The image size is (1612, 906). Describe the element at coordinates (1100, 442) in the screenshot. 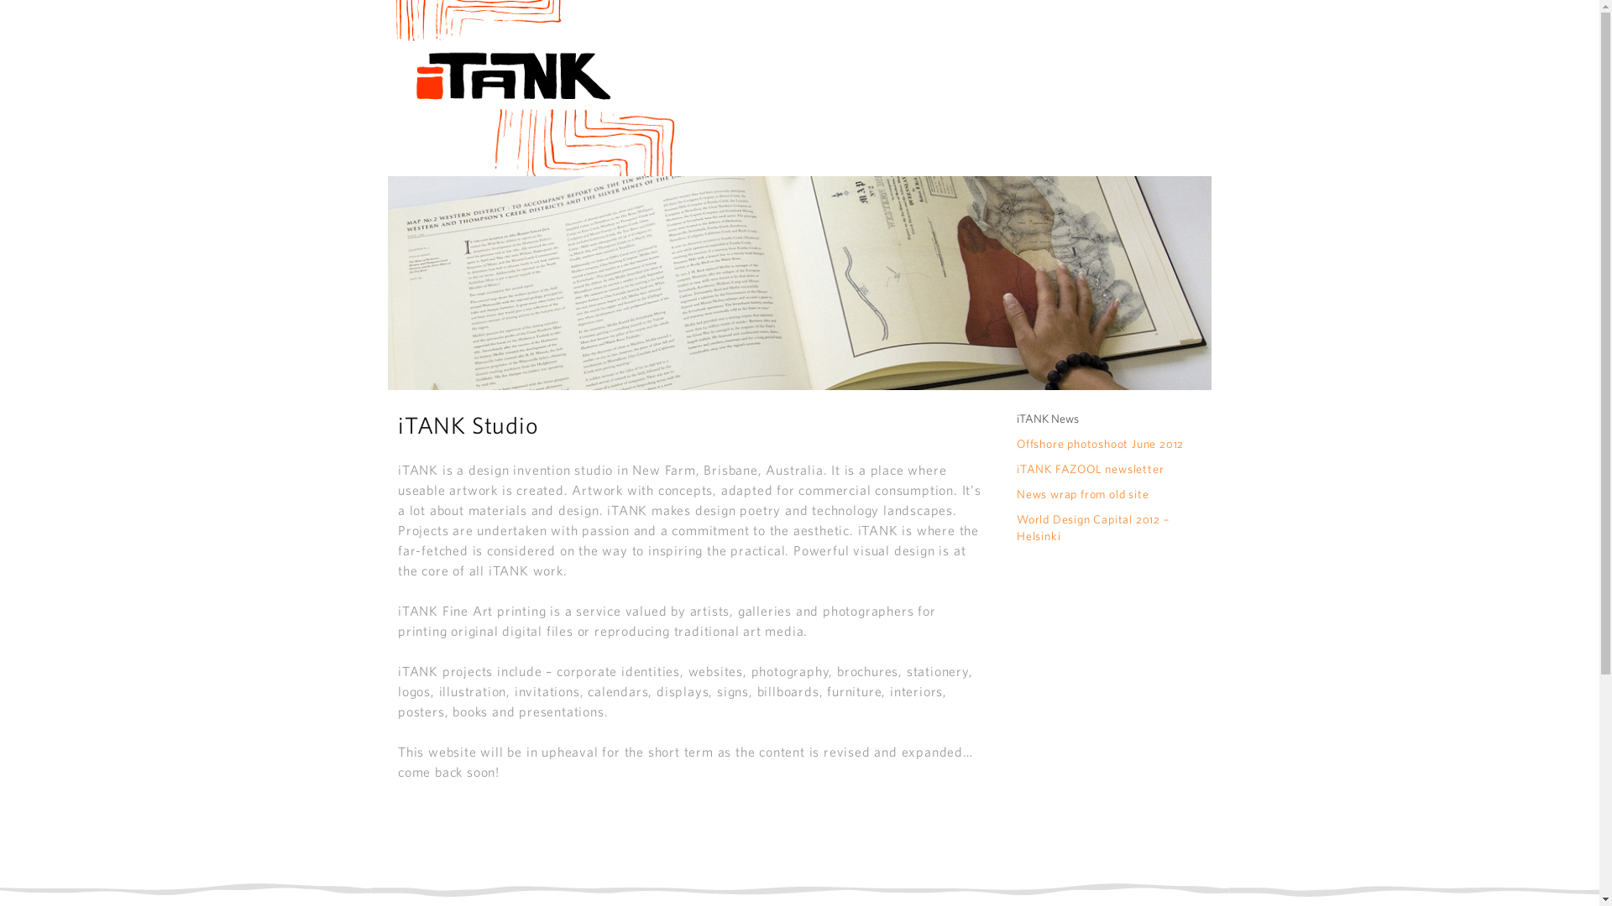

I see `'Offshore photoshoot June 2012'` at that location.